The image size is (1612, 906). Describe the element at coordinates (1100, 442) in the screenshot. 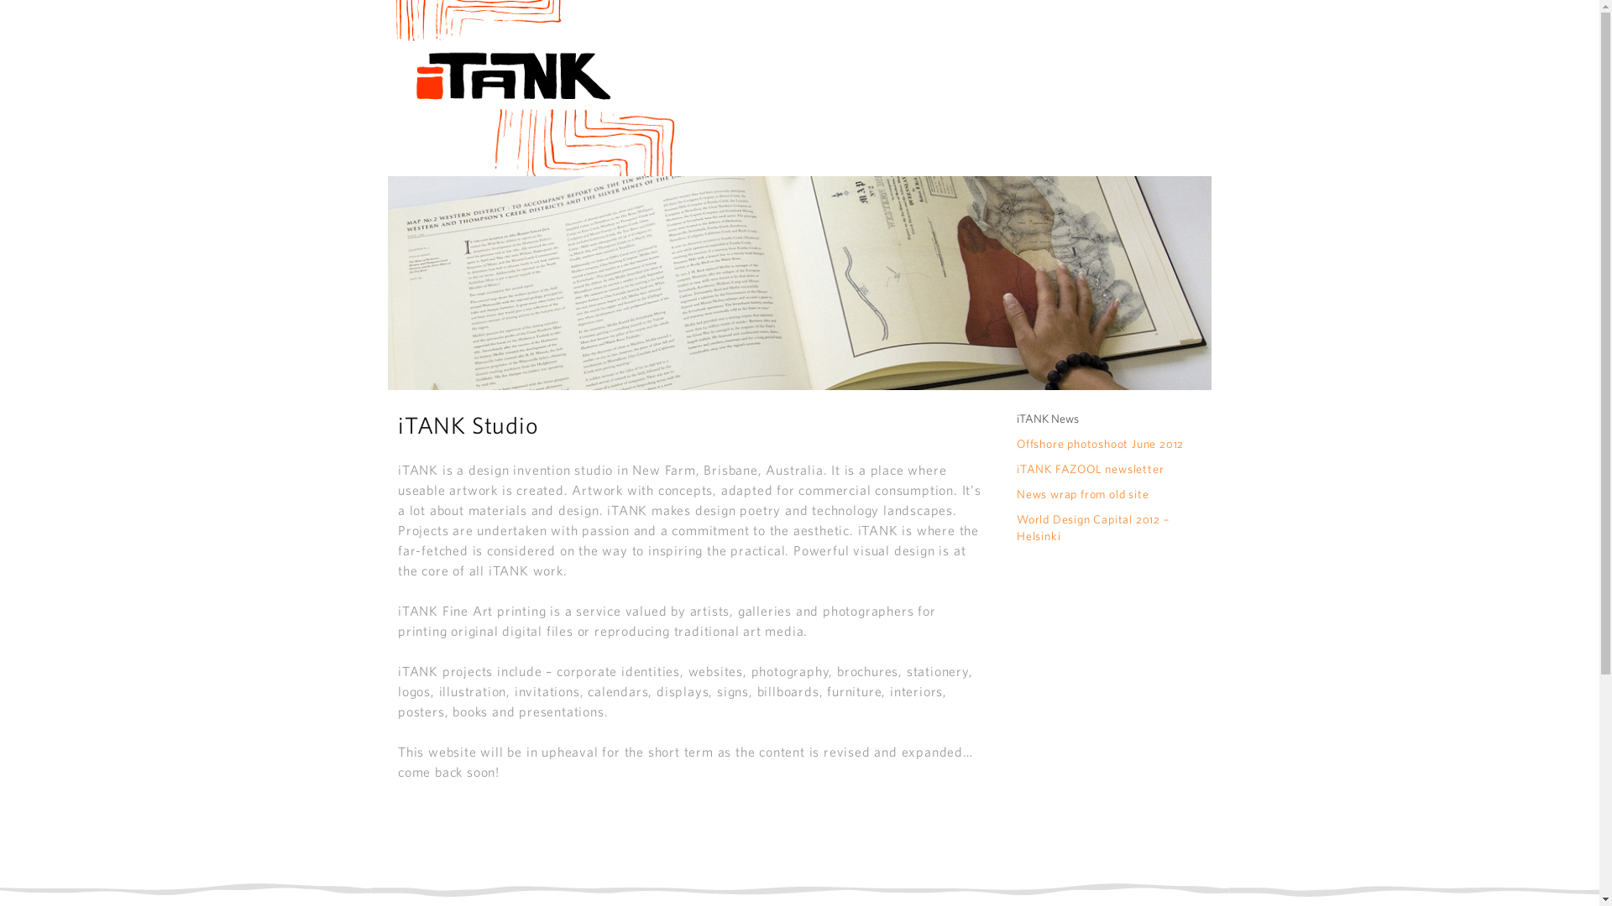

I see `'Offshore photoshoot June 2012'` at that location.